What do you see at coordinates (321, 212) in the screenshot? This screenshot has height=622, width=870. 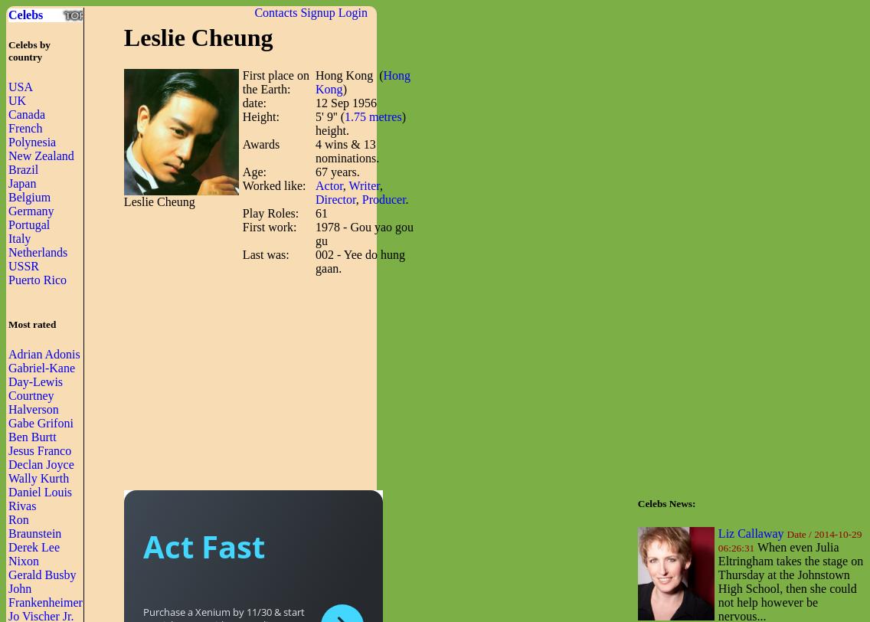 I see `'61'` at bounding box center [321, 212].